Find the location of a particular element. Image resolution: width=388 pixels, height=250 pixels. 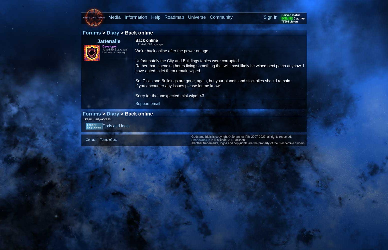

'Back online' is located at coordinates (135, 40).